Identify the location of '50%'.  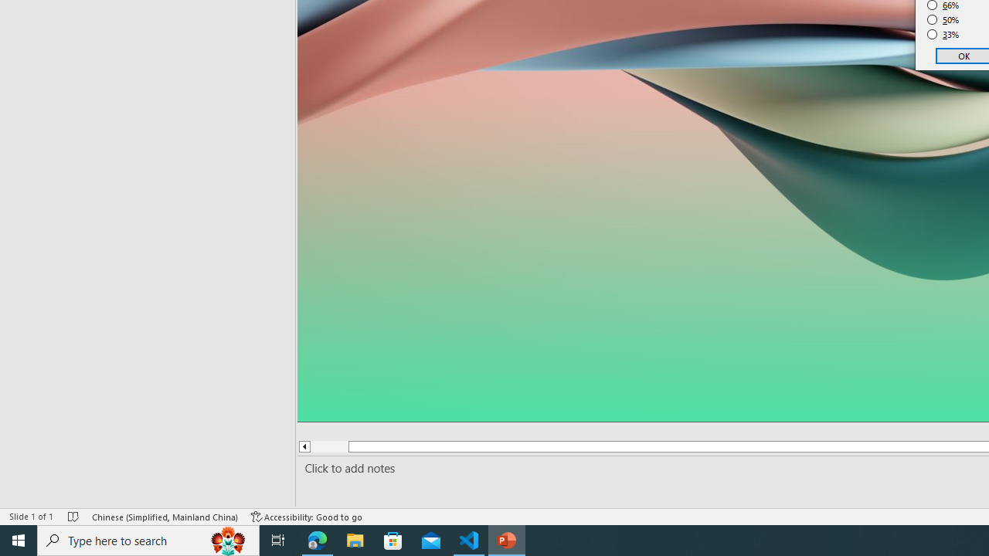
(943, 19).